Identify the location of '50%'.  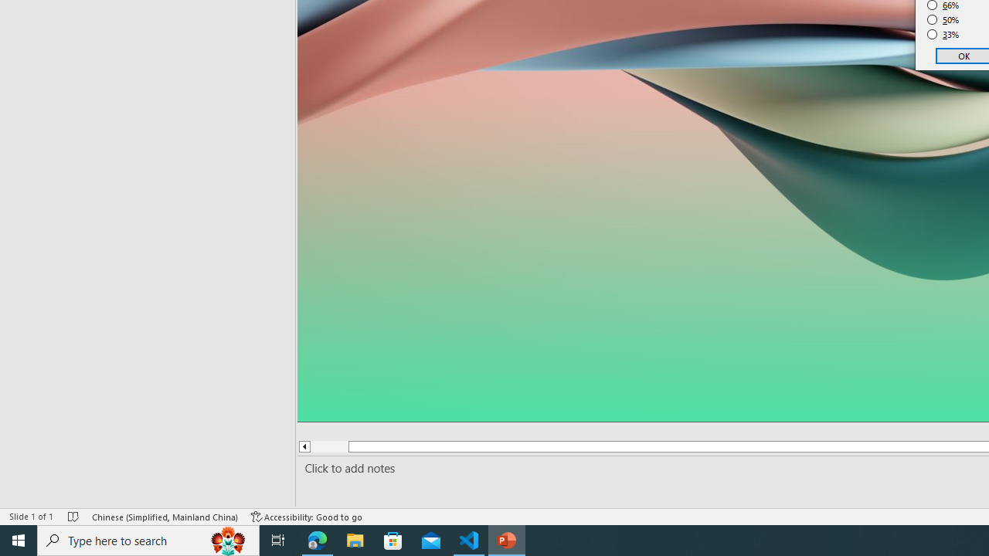
(943, 19).